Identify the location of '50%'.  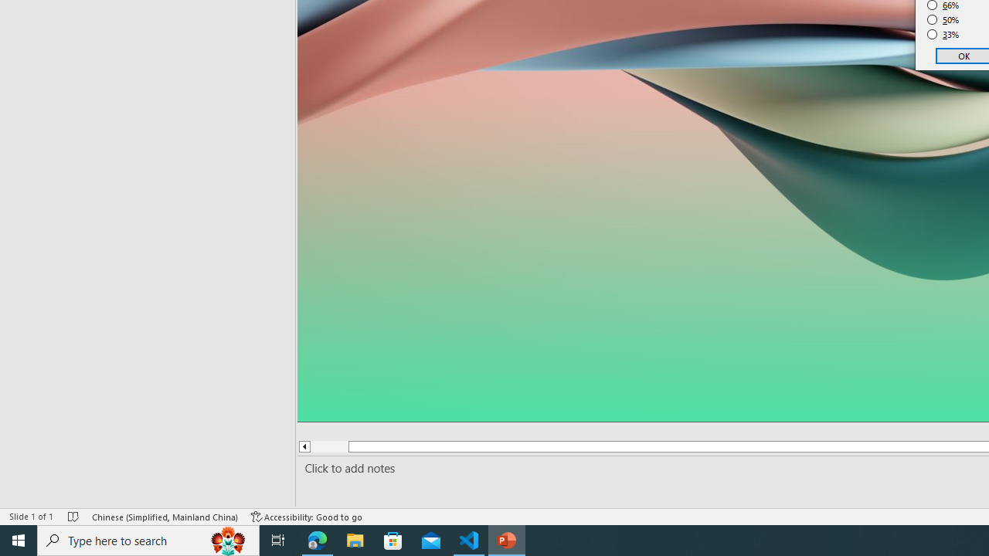
(943, 19).